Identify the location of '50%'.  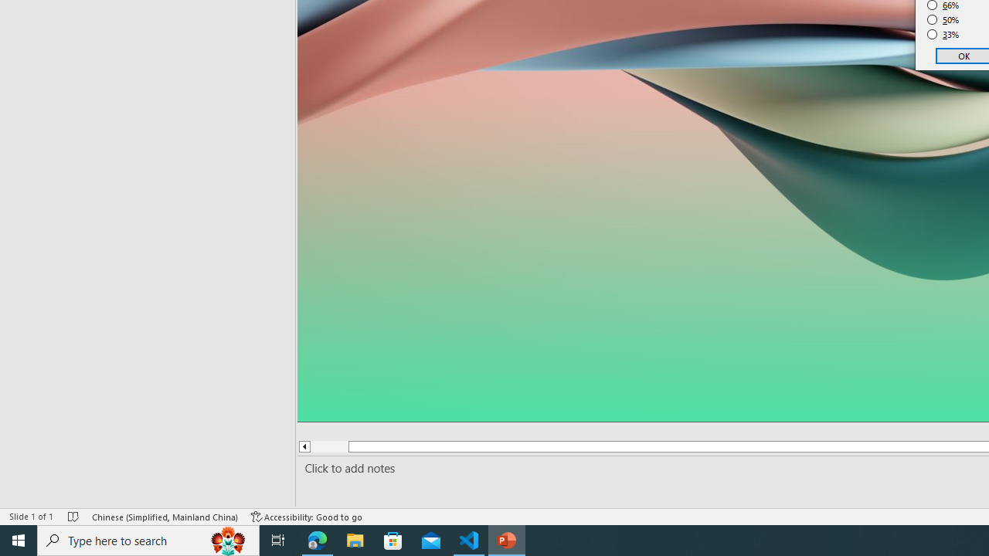
(943, 19).